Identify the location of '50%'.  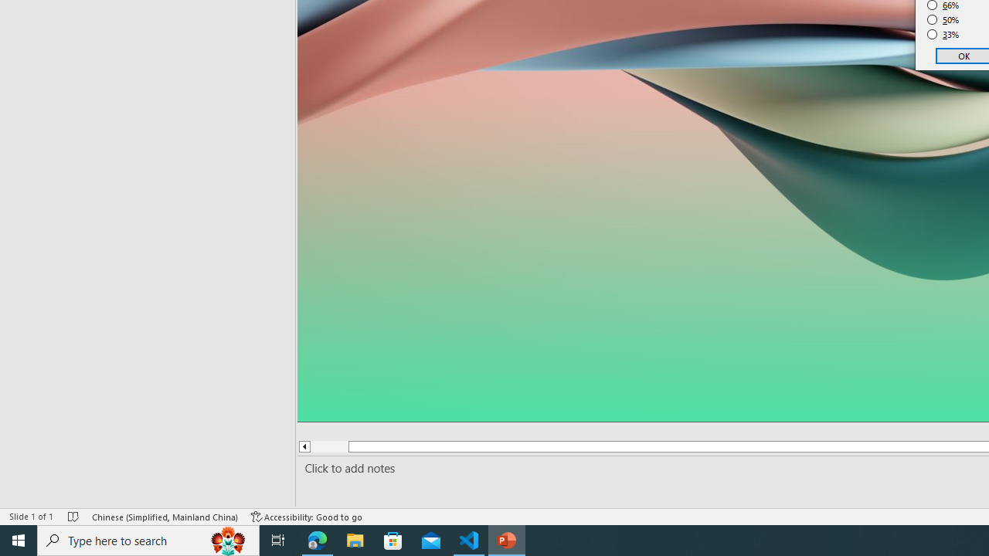
(943, 19).